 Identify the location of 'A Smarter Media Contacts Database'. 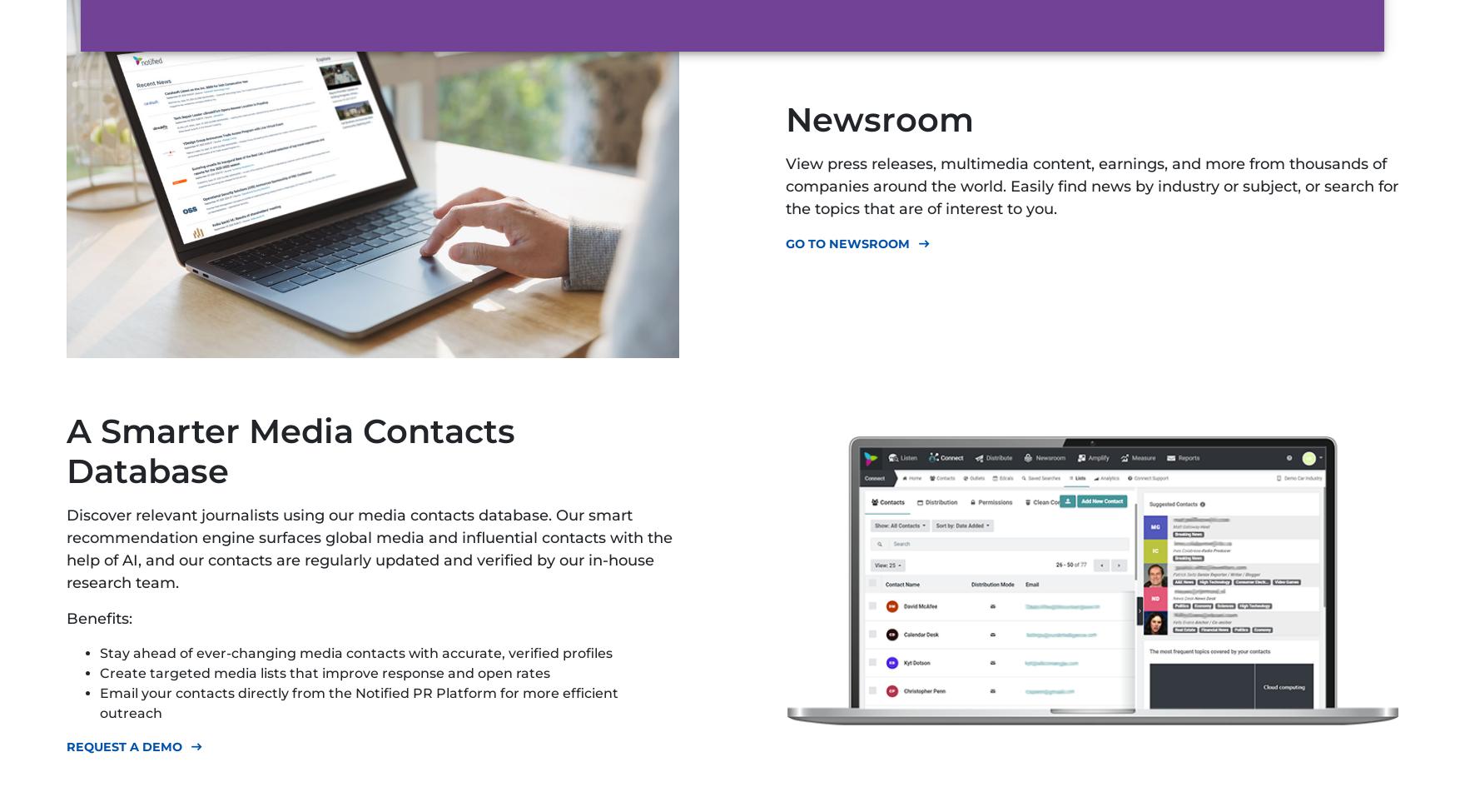
(290, 450).